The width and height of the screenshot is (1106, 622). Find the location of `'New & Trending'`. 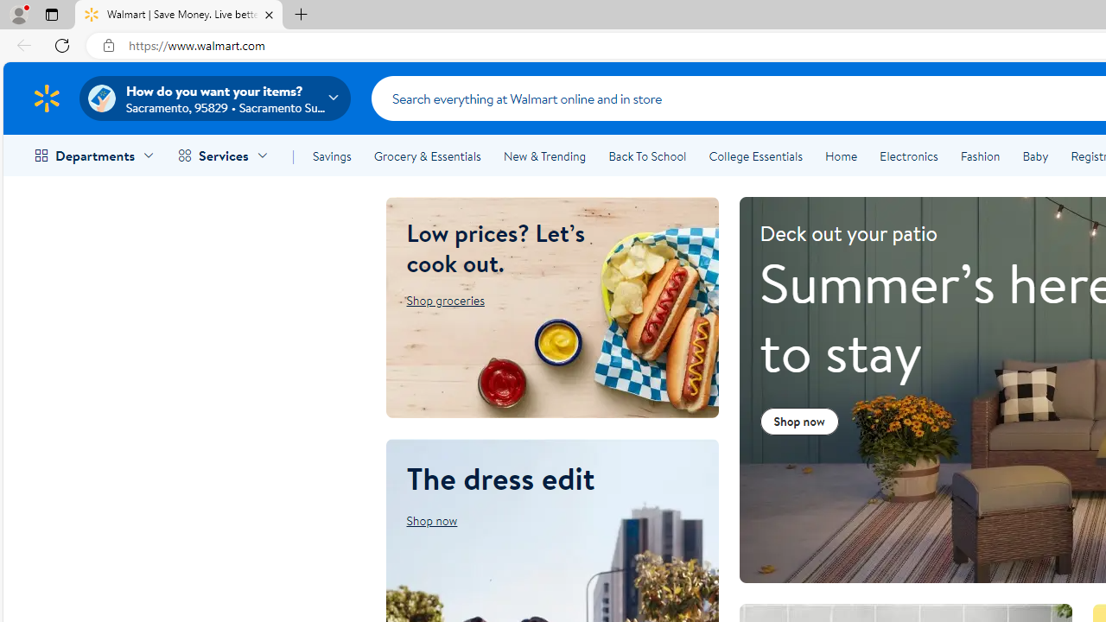

'New & Trending' is located at coordinates (544, 156).